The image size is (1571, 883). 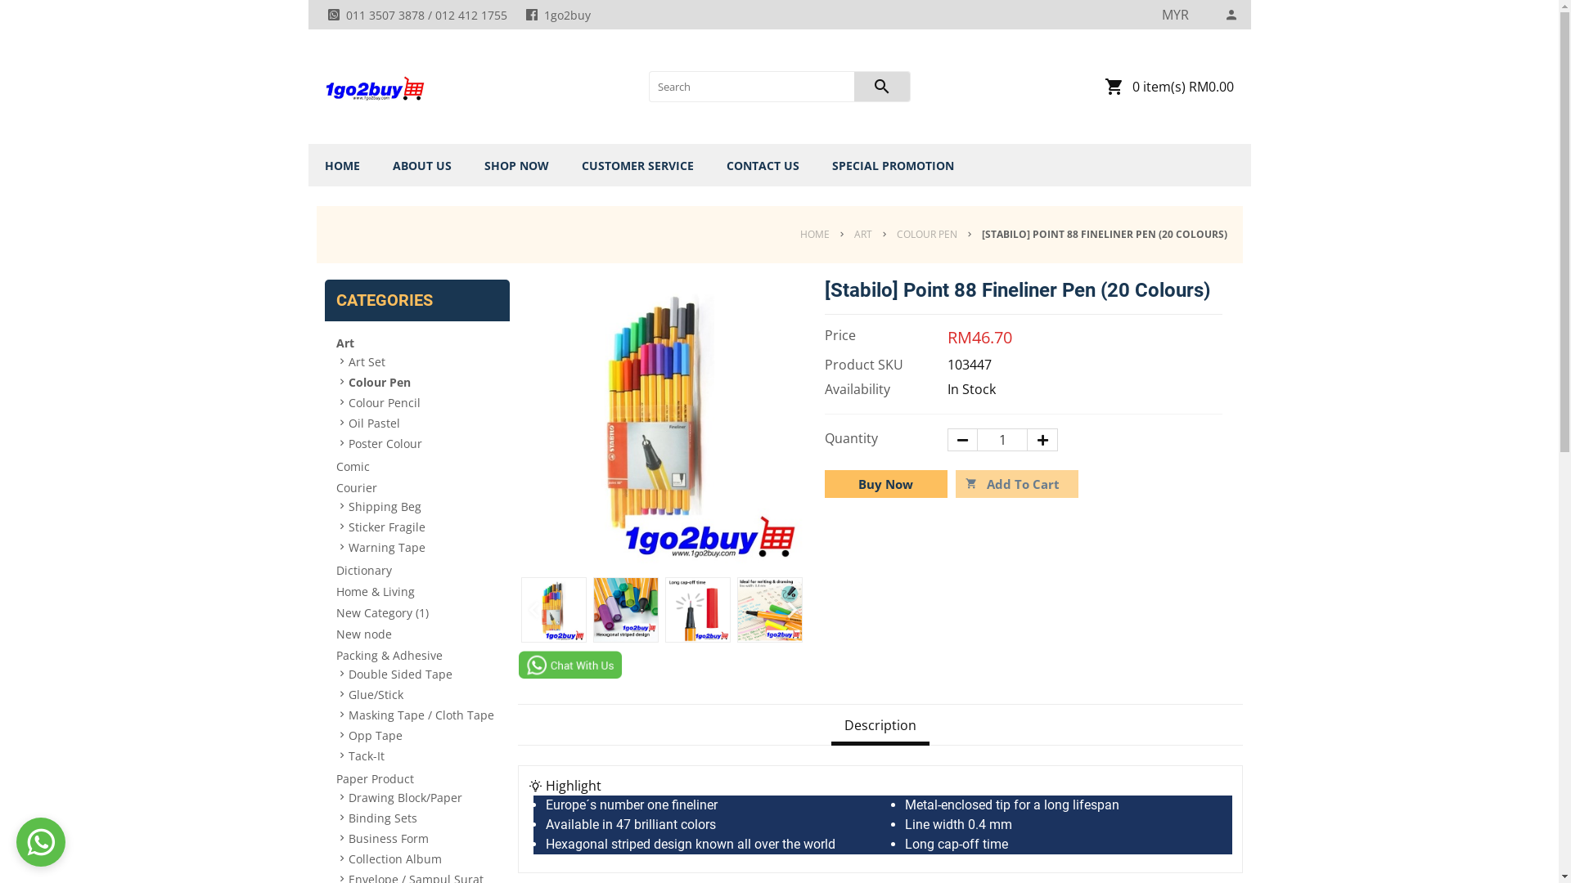 I want to click on 'Buy Now', so click(x=885, y=482).